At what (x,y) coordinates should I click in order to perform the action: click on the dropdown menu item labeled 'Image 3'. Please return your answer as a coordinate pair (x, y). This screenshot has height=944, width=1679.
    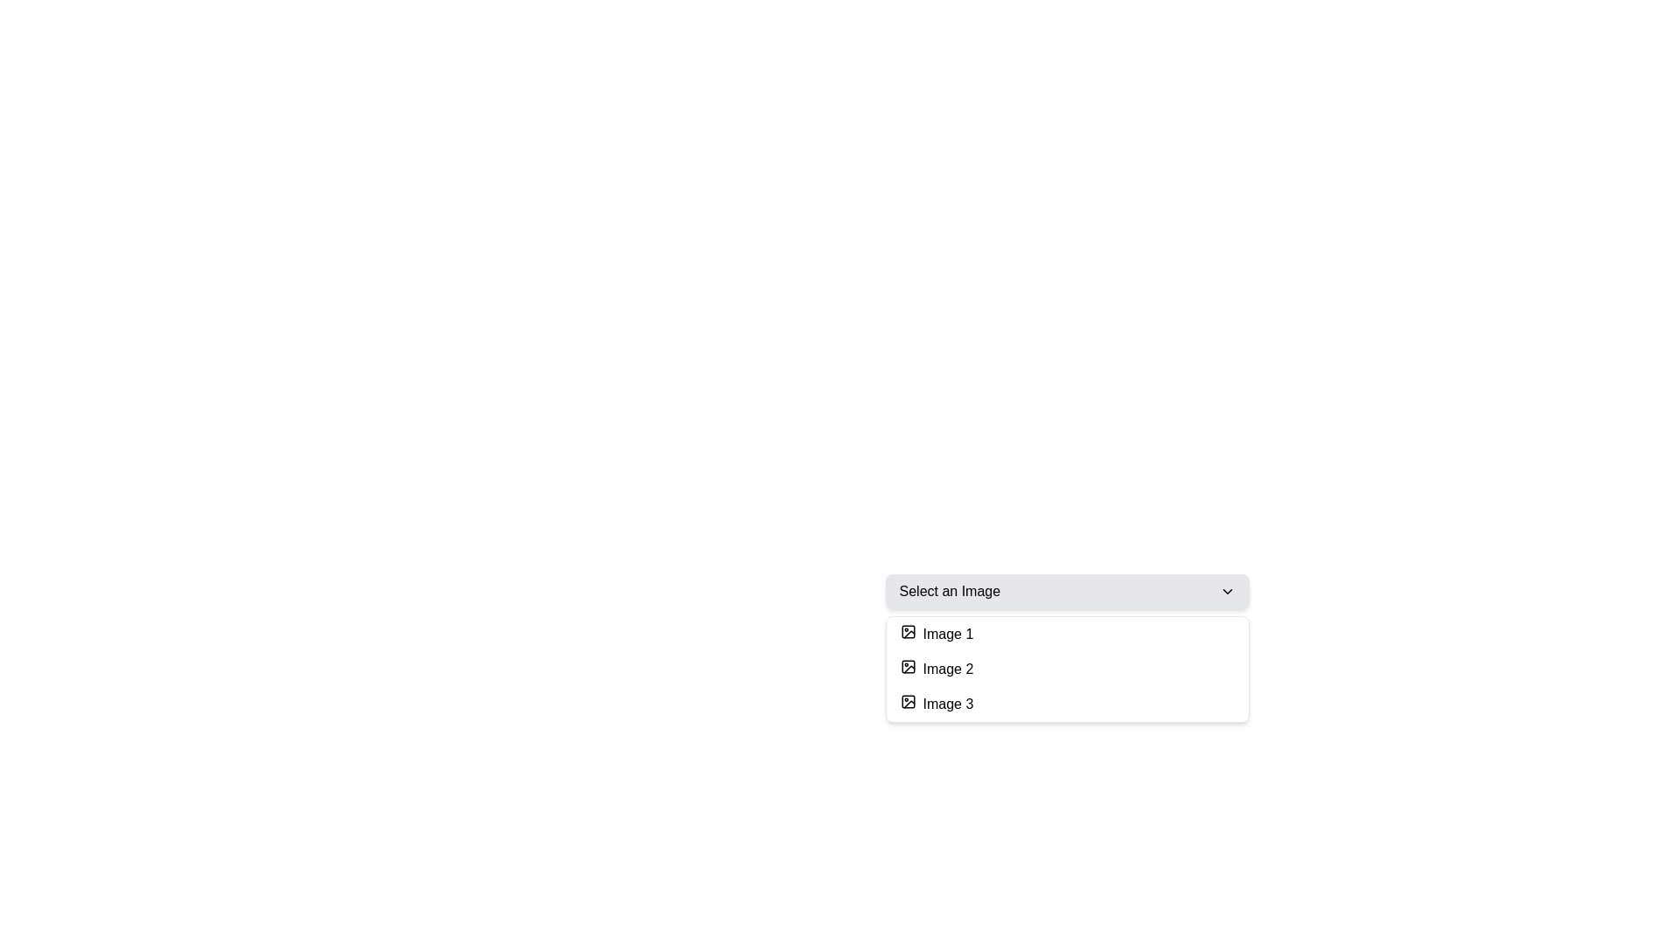
    Looking at the image, I should click on (1066, 704).